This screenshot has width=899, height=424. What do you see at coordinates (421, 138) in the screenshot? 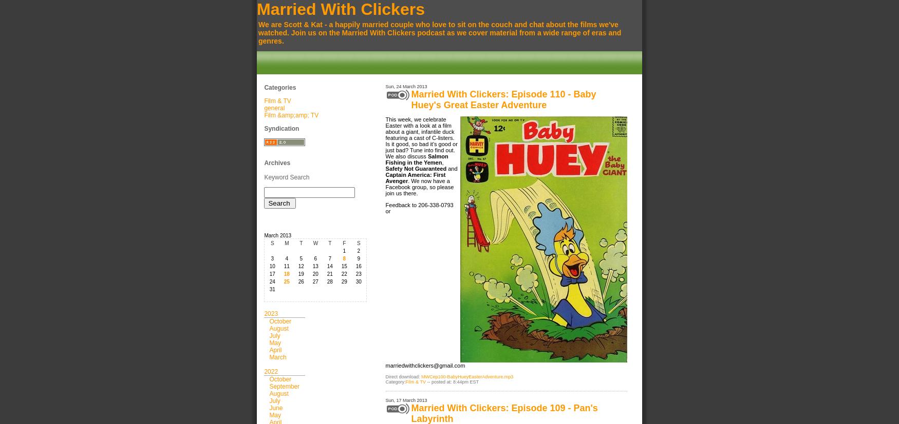
I see `'This week, we celebrate Easter with a look at a film about a giant, infantile duck featuring a cast of C-listers. Is it good, so bad it's good or just bad? Tune into find out. We also discuss'` at bounding box center [421, 138].